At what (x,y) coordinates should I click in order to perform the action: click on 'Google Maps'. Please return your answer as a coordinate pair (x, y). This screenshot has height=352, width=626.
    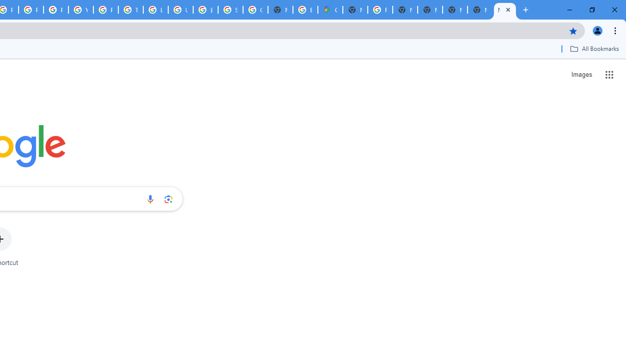
    Looking at the image, I should click on (330, 10).